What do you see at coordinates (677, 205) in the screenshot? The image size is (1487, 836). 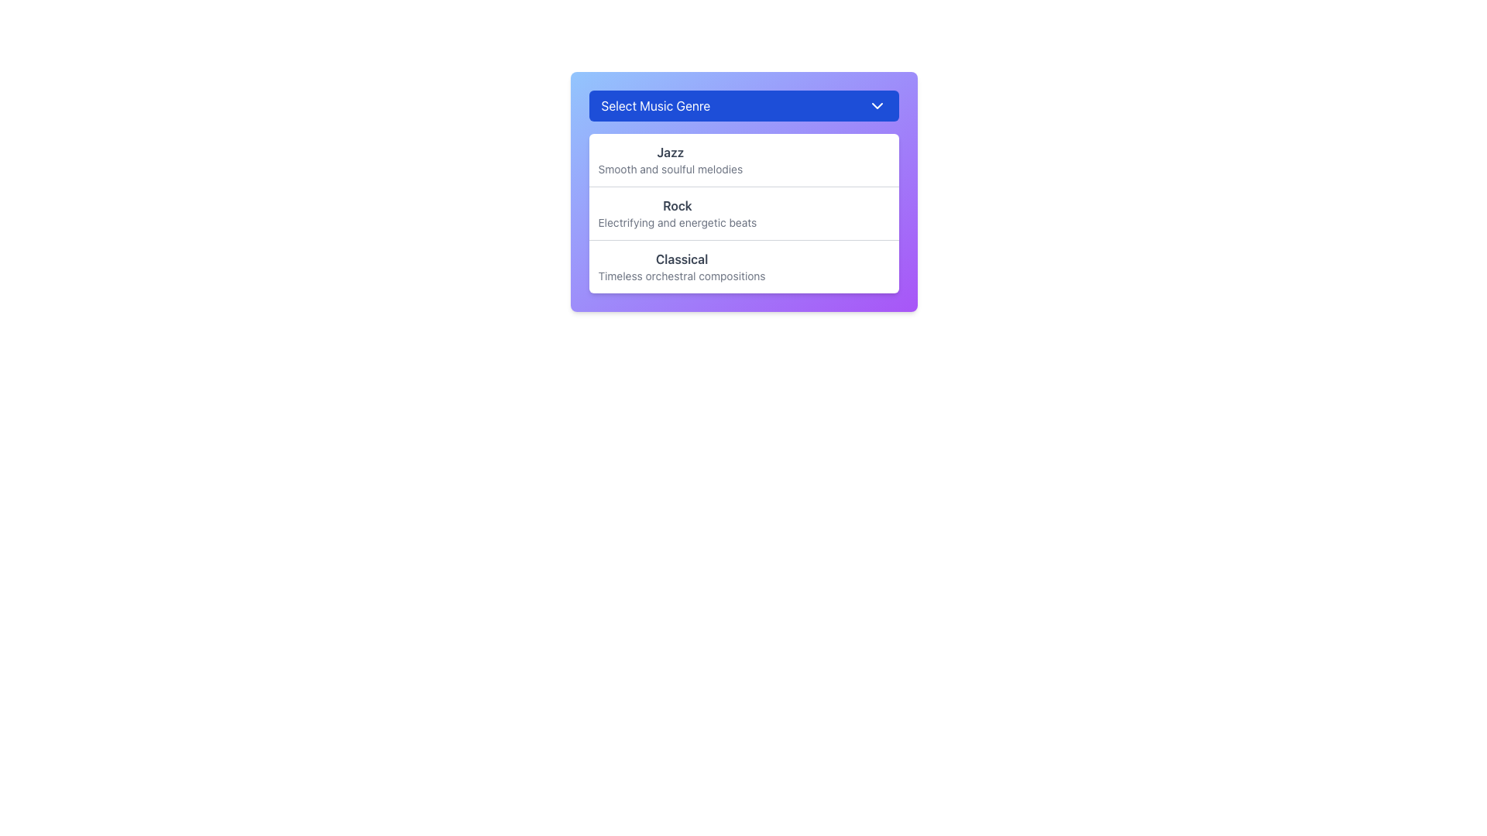 I see `the static text label indicating the genre 'Rock' within the dropdown menu, which is positioned above the descriptive text 'Electrifying and energetic beats'` at bounding box center [677, 205].